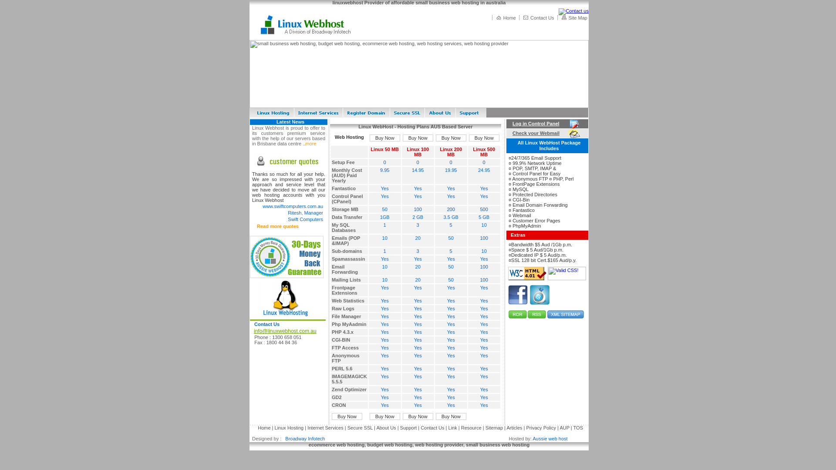 The image size is (836, 470). I want to click on 'Site Map', so click(578, 18).